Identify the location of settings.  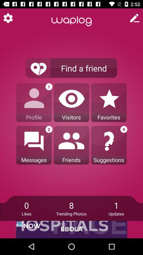
(8, 18).